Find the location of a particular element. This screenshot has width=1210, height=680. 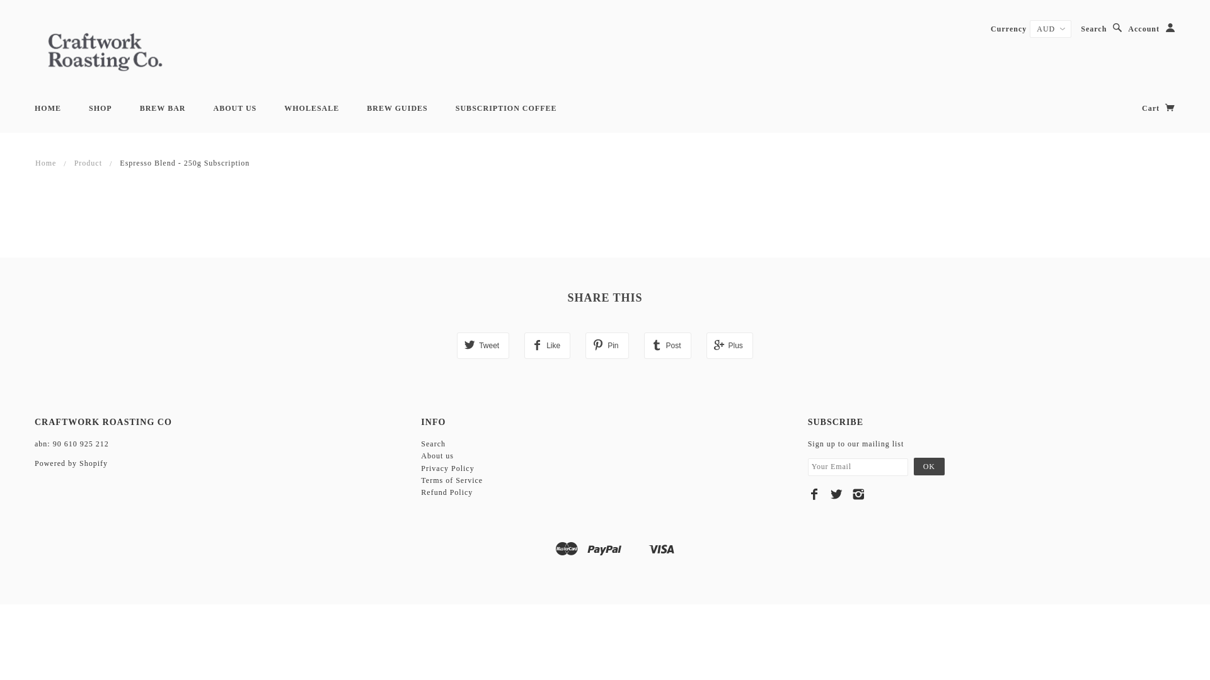

'BREW BAR' is located at coordinates (162, 108).